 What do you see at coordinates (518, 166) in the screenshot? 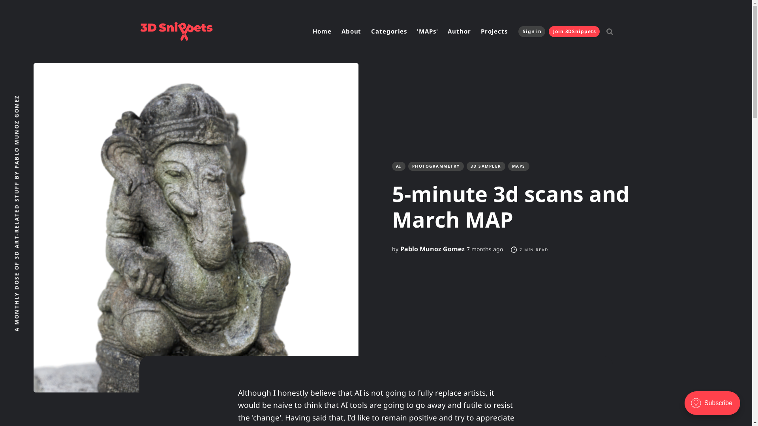
I see `'MAPS'` at bounding box center [518, 166].